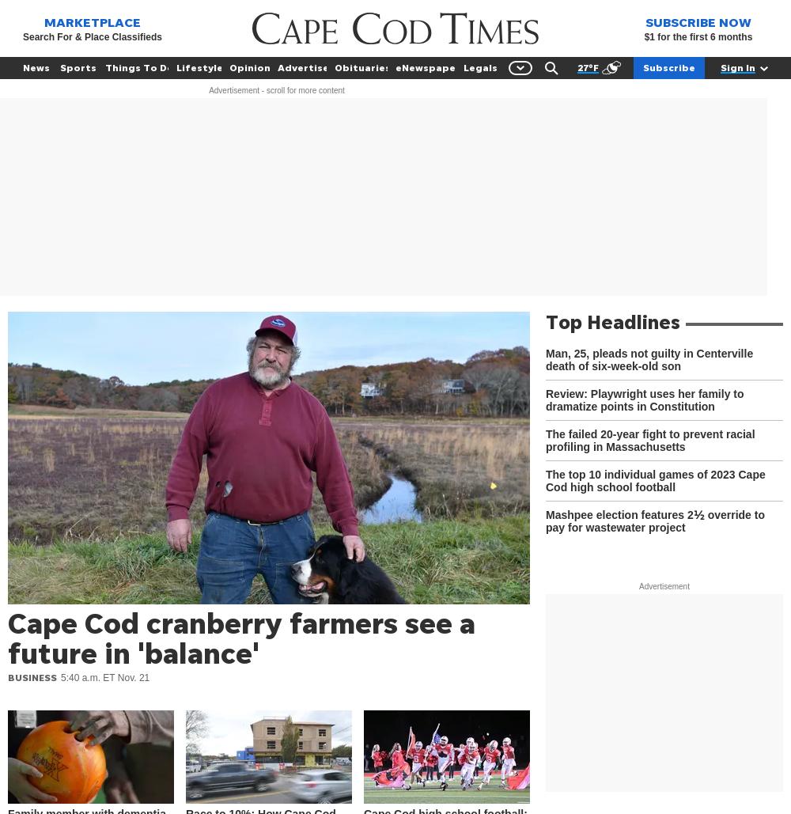  I want to click on 'Review: Playwright uses her family to dramatize points in Constitution', so click(644, 399).